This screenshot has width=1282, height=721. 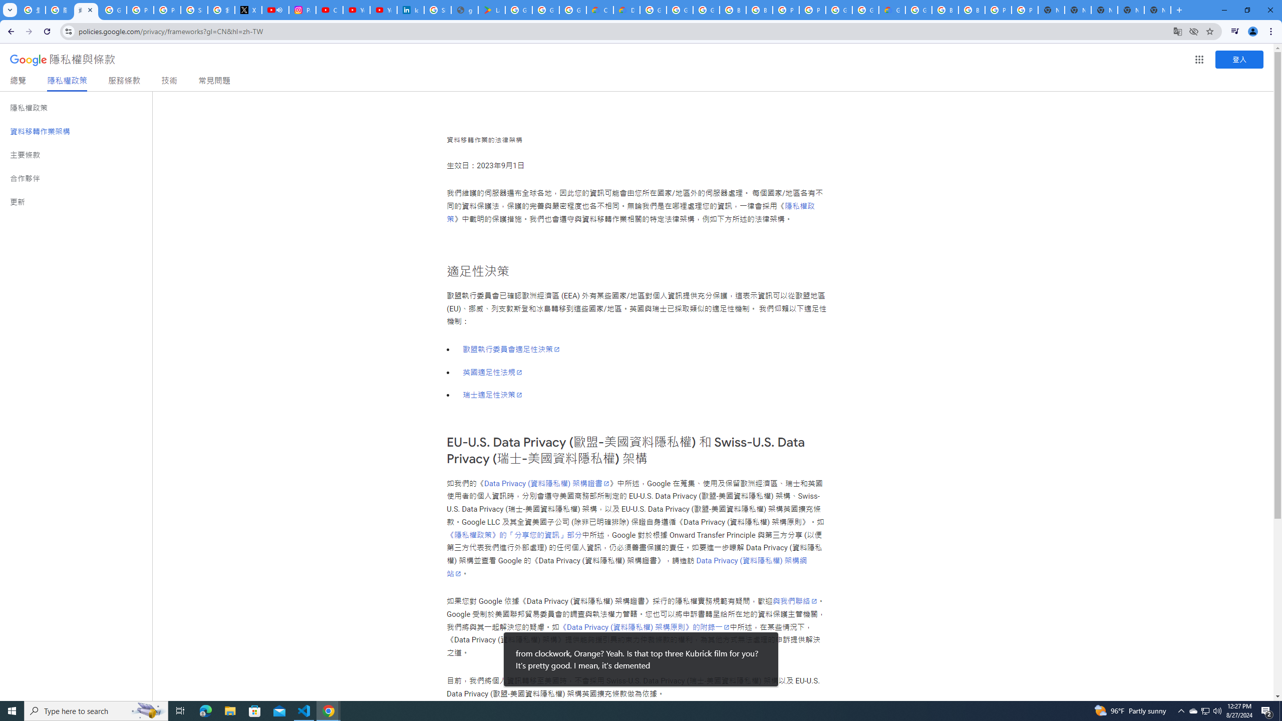 I want to click on 'Browse Chrome as a guest - Computer - Google Chrome Help', so click(x=944, y=10).